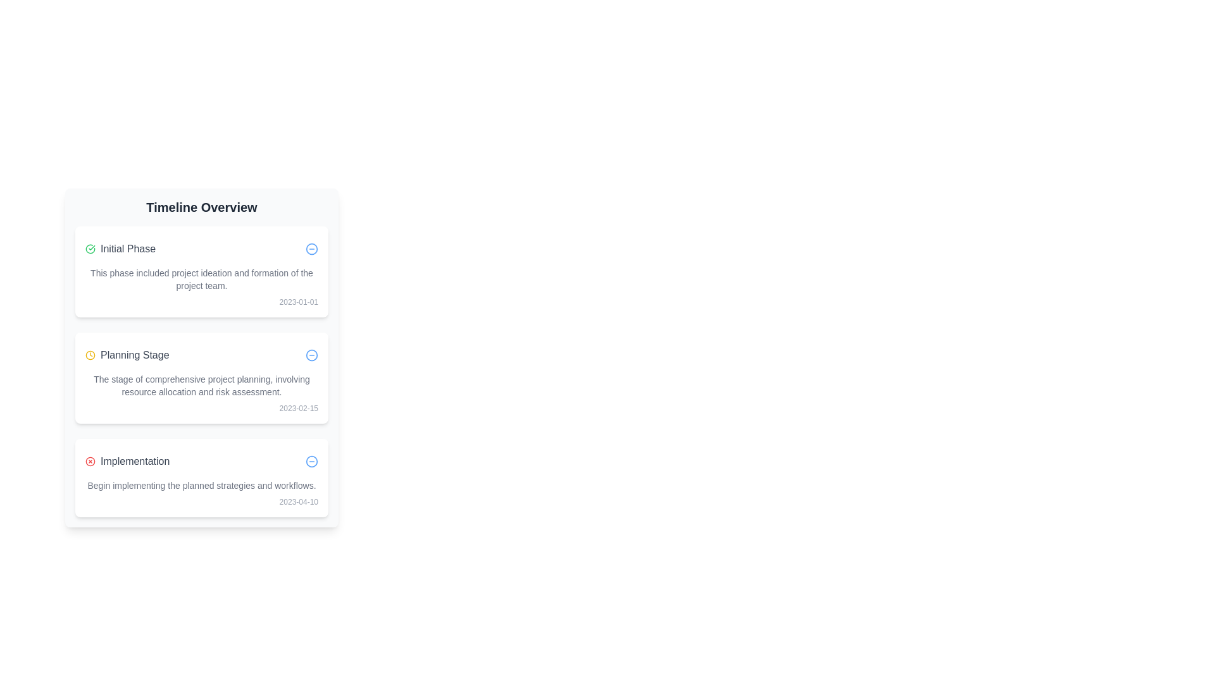 Image resolution: width=1215 pixels, height=683 pixels. What do you see at coordinates (201, 484) in the screenshot?
I see `the text label reading 'Begin implementing the planned strategies and workflows.' located in the 'Implementation' timeline card` at bounding box center [201, 484].